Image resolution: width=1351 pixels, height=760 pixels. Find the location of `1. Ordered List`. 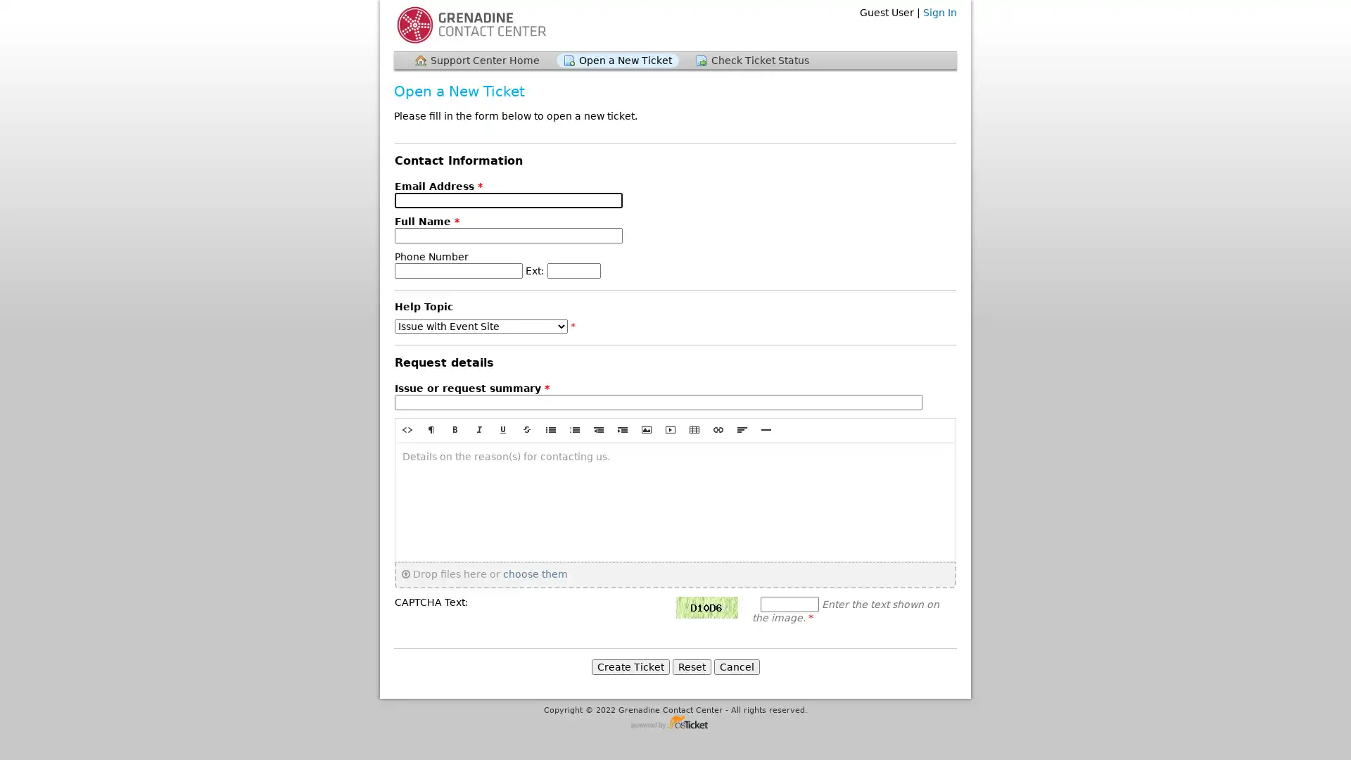

1. Ordered List is located at coordinates (574, 429).